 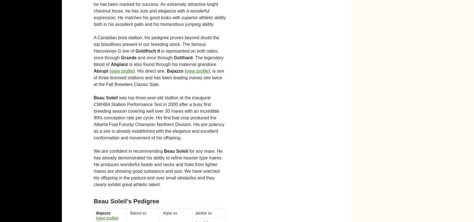 What do you see at coordinates (158, 61) in the screenshot?
I see `'. The legendary blood of'` at bounding box center [158, 61].